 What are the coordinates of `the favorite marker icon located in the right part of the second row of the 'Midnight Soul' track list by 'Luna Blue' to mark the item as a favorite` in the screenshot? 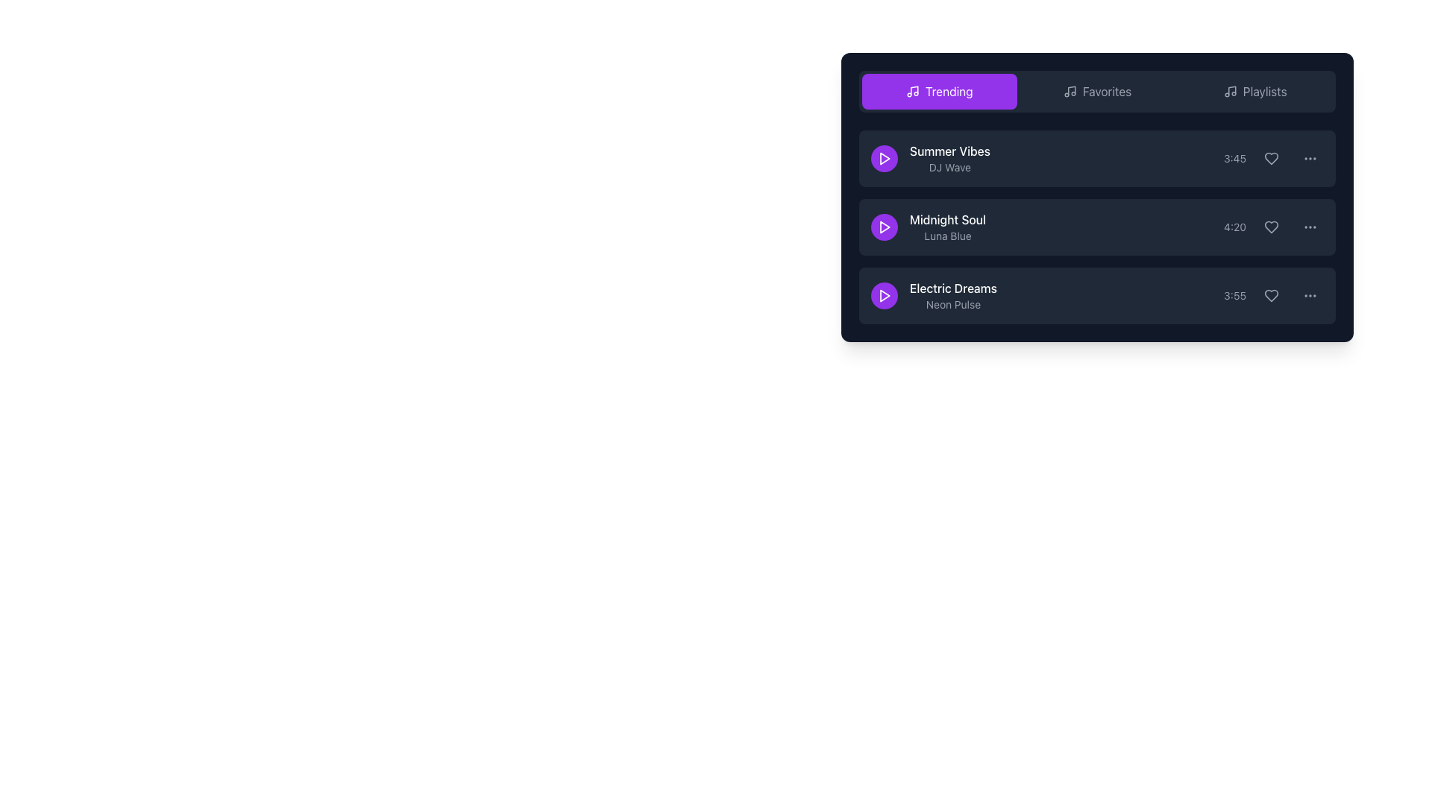 It's located at (1270, 227).